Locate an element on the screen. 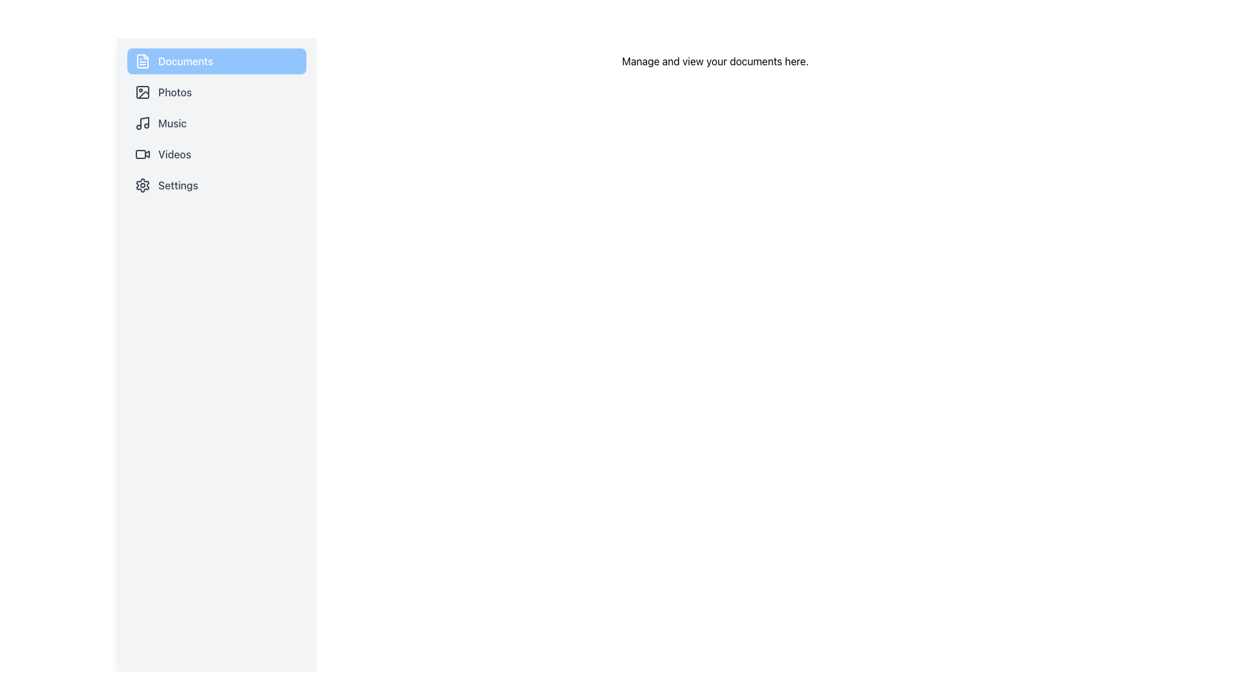 Image resolution: width=1241 pixels, height=698 pixels. the small rectangular icon with rounded corners located to the left of the text label 'Photos' in the sidebar menu is located at coordinates (142, 91).